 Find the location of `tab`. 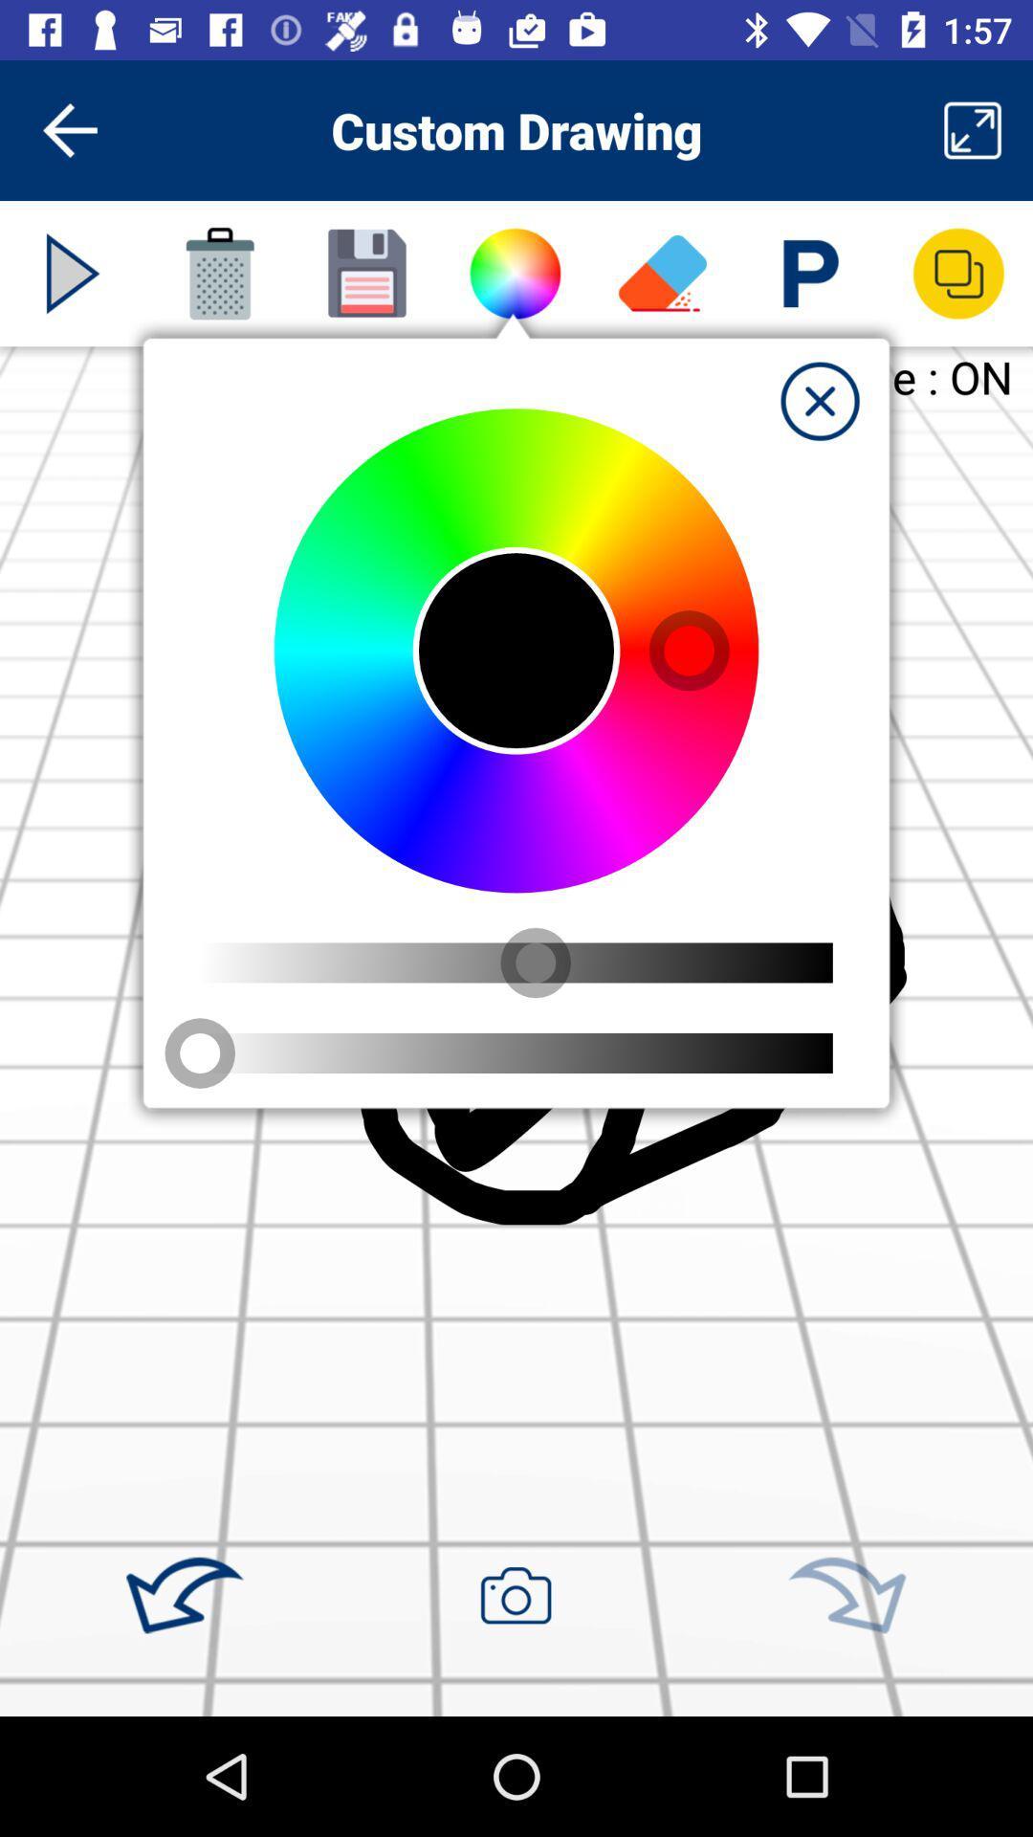

tab is located at coordinates (819, 400).